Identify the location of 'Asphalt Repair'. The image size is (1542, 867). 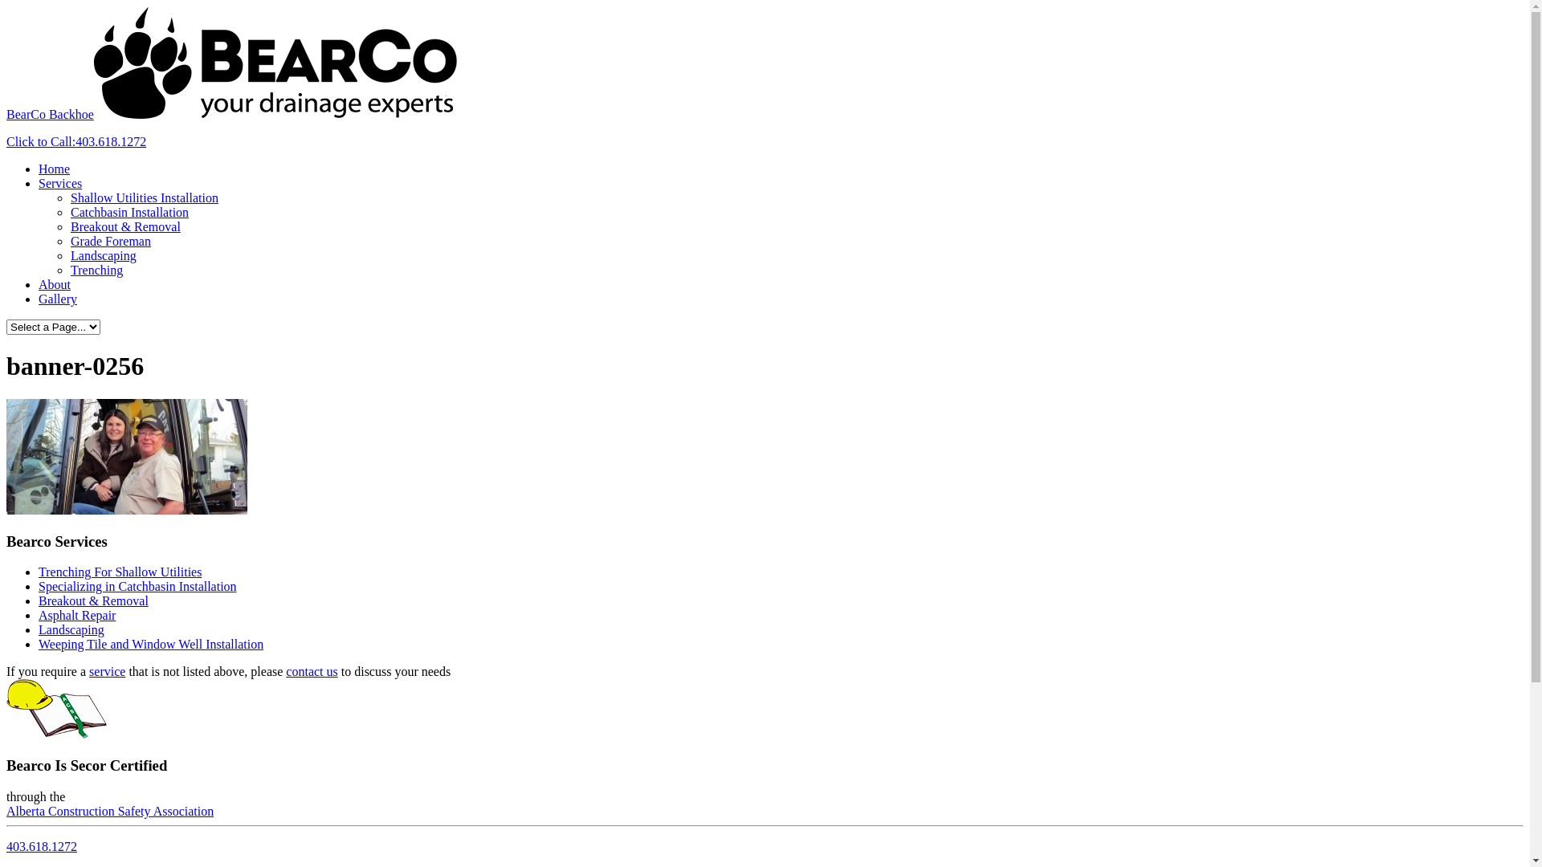
(76, 614).